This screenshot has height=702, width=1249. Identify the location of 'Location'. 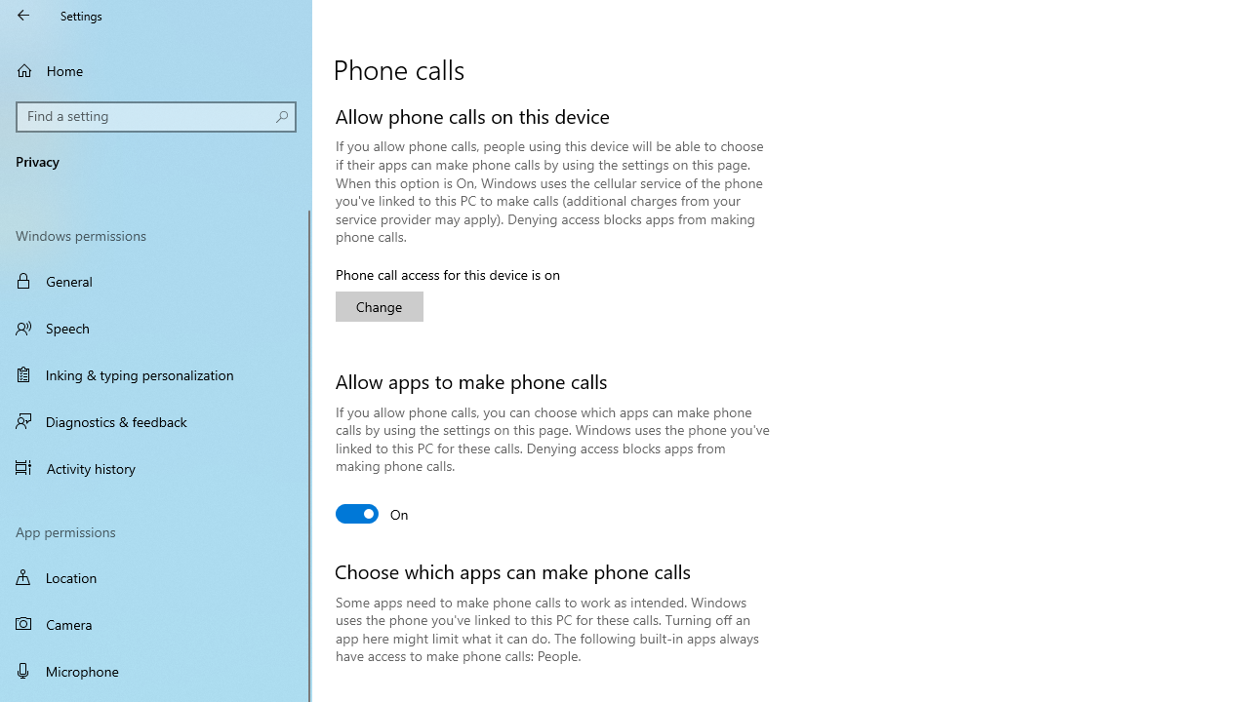
(156, 576).